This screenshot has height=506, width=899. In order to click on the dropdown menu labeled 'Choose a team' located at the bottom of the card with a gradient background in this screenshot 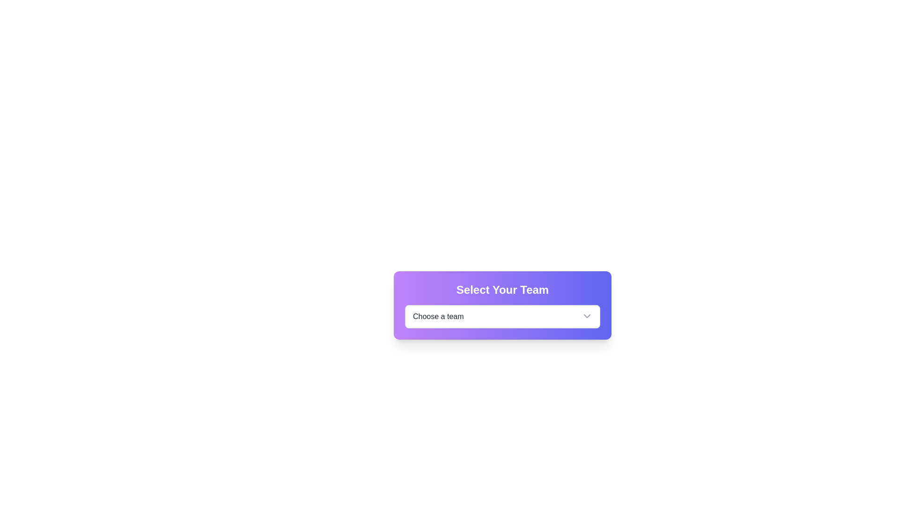, I will do `click(502, 316)`.